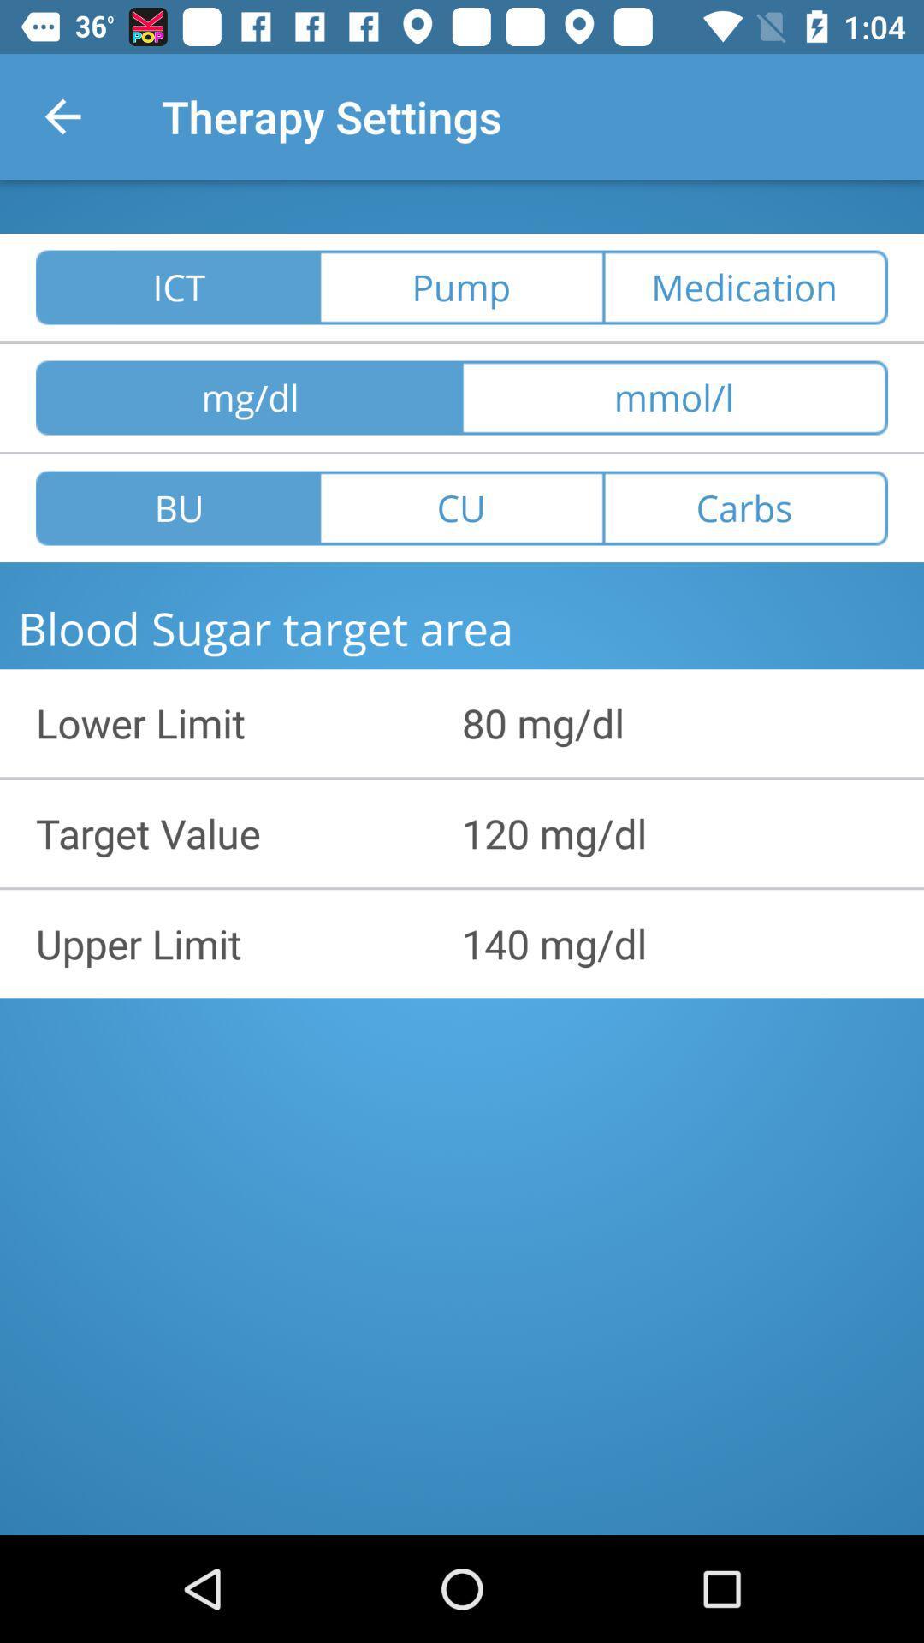 Image resolution: width=924 pixels, height=1643 pixels. I want to click on icon to the left of the pump icon, so click(177, 288).